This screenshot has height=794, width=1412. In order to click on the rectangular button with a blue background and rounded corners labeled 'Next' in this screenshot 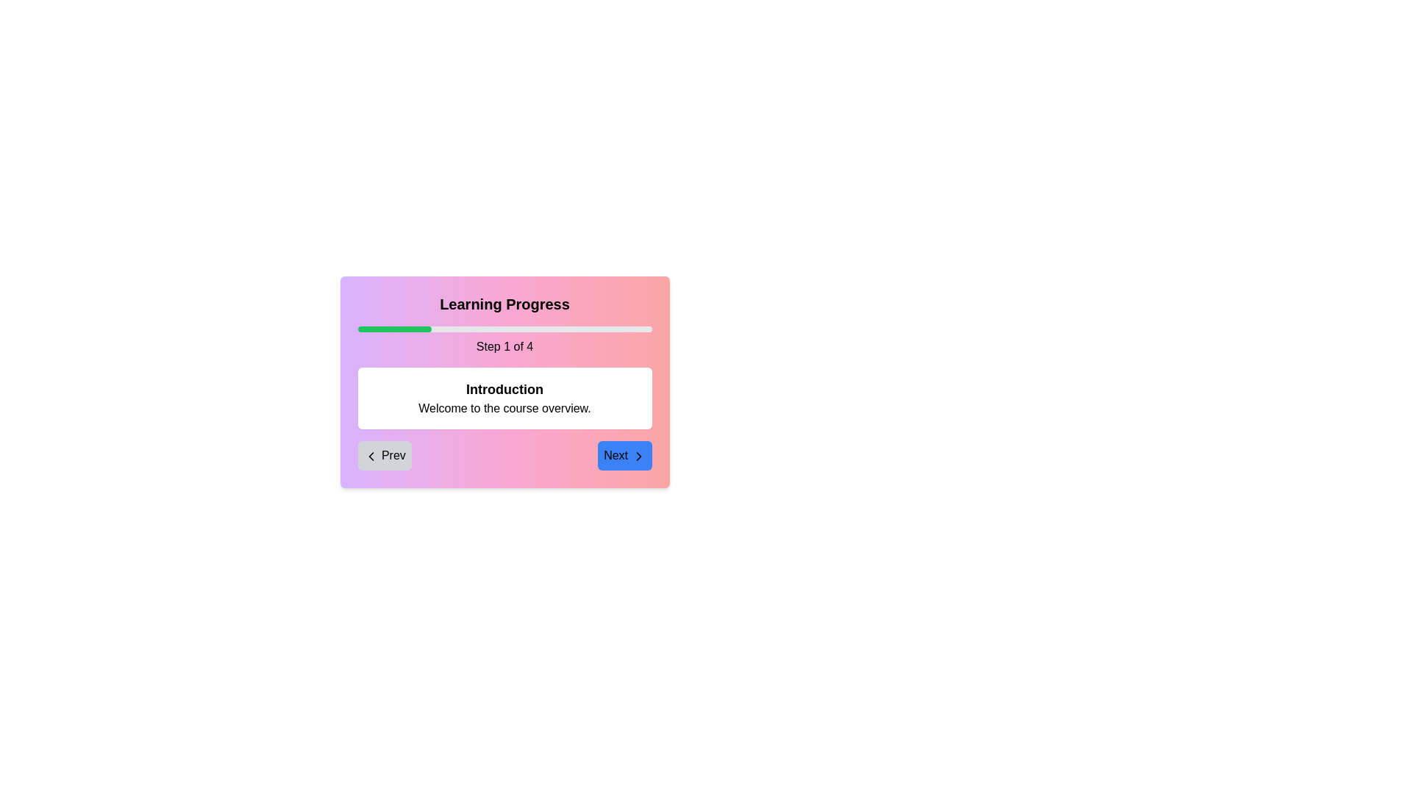, I will do `click(624, 455)`.